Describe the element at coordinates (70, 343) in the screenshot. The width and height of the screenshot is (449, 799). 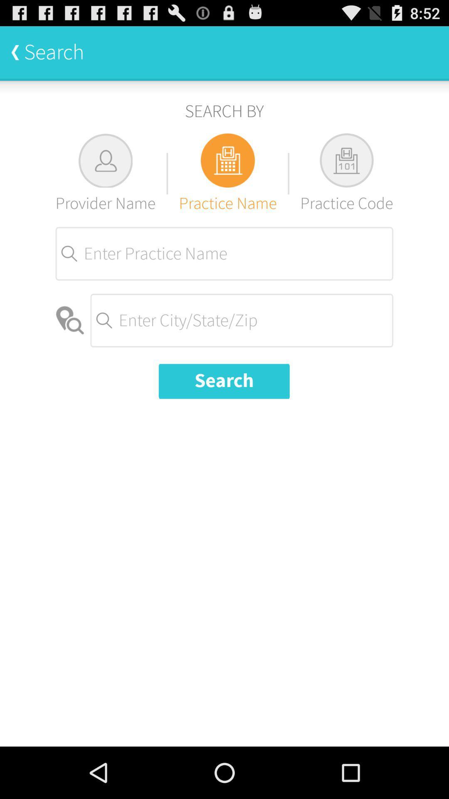
I see `the location icon` at that location.